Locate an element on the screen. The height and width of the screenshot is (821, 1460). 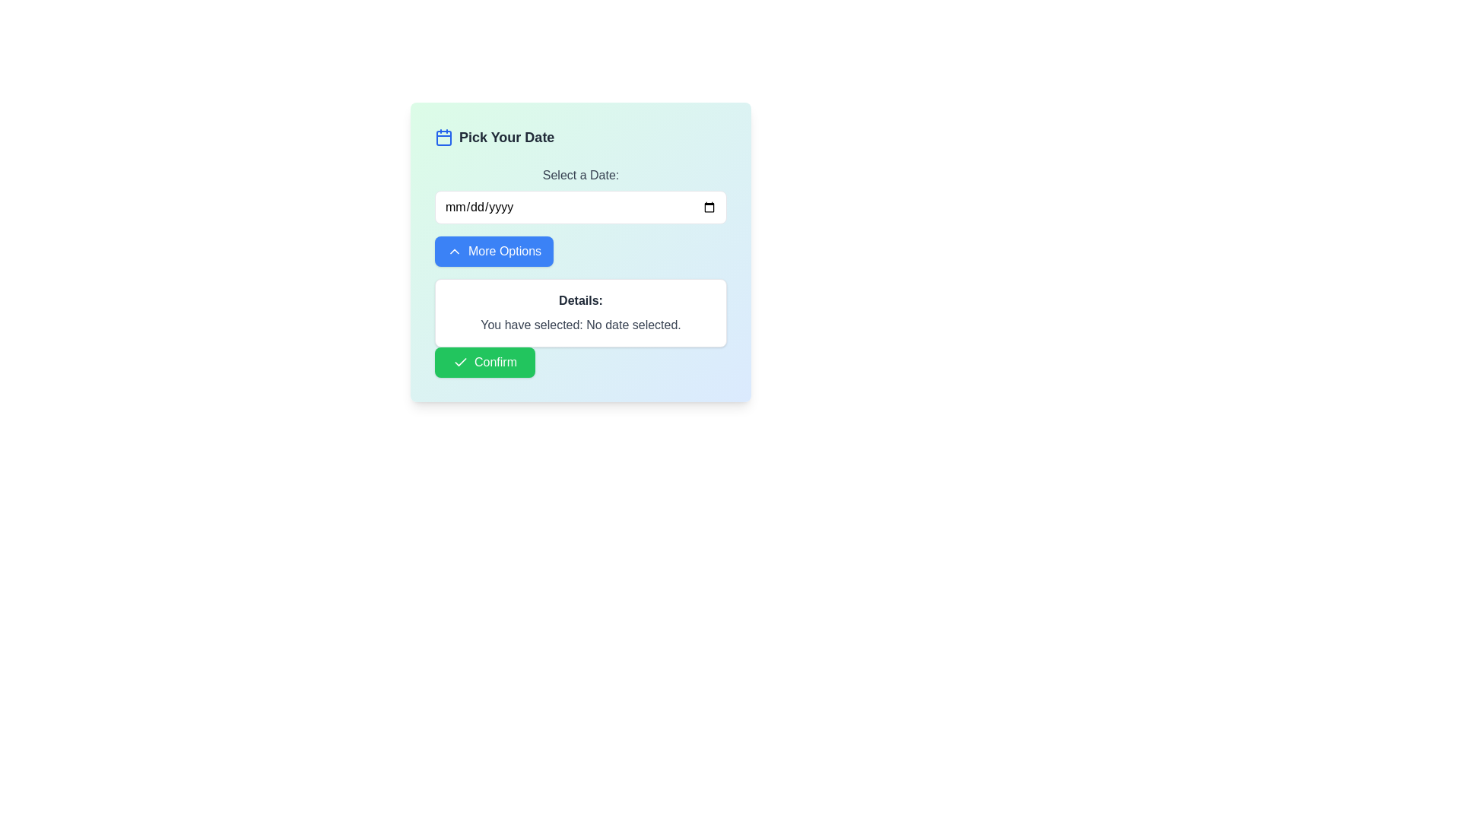
the static text element displaying the status of date selection, which indicates that no date is selected, located below the 'More Options' button is located at coordinates (579, 325).